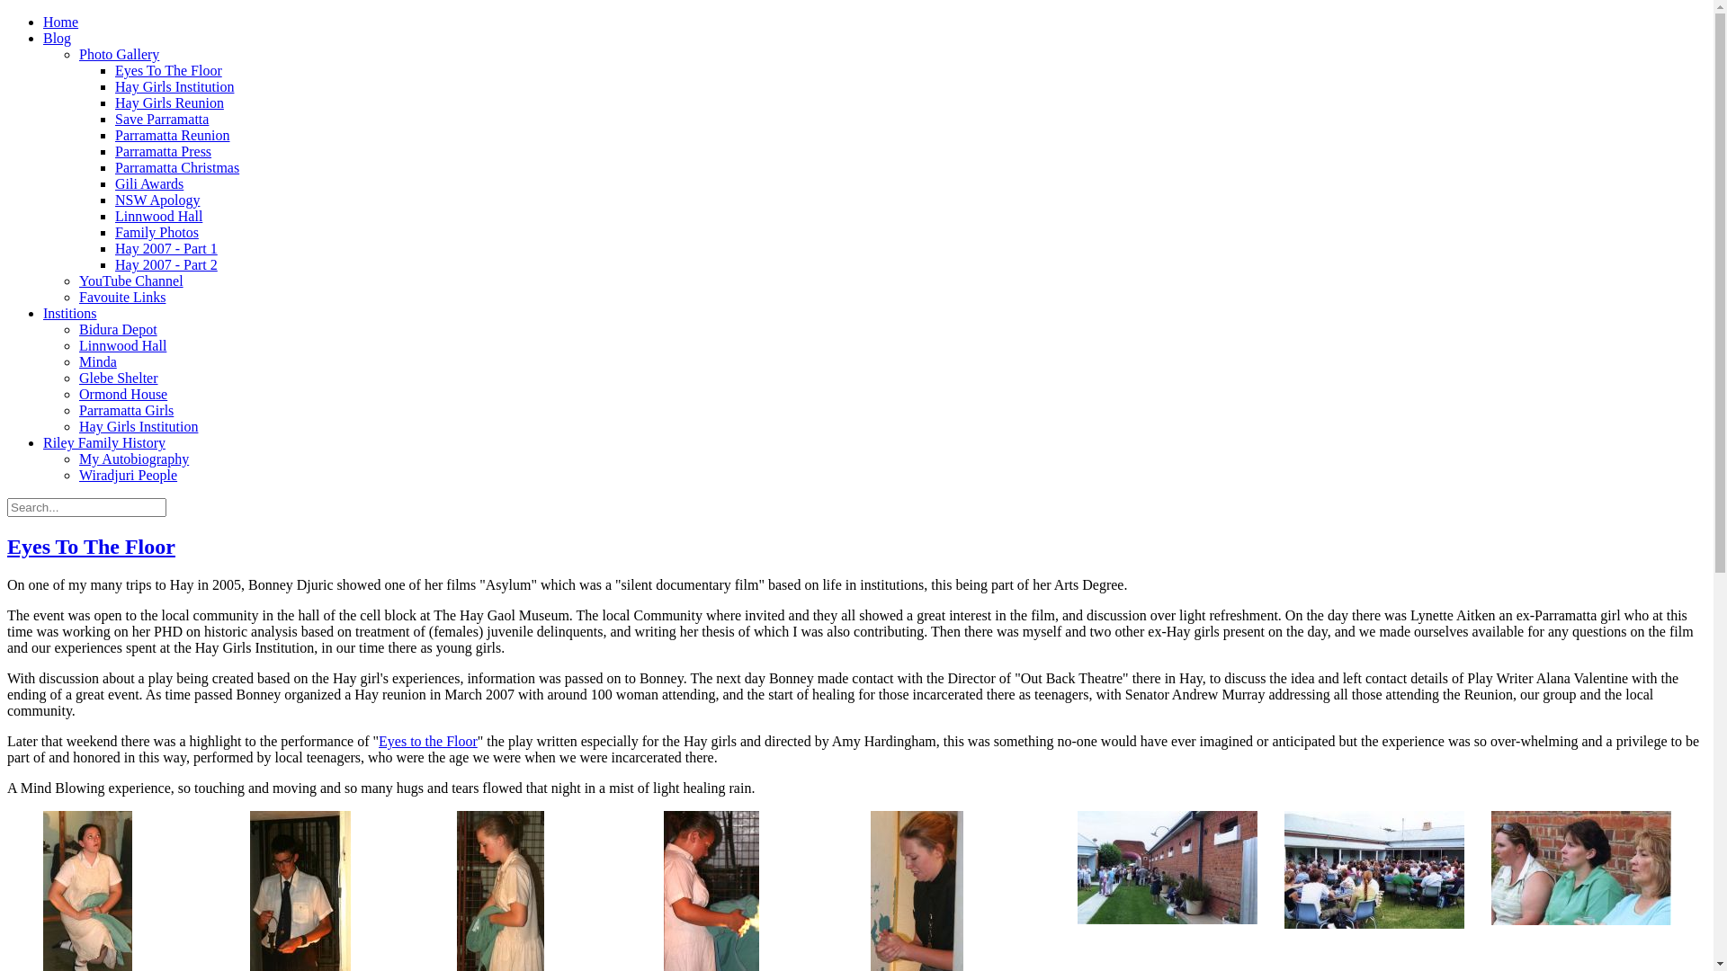 The height and width of the screenshot is (971, 1727). Describe the element at coordinates (149, 183) in the screenshot. I see `'Gili Awards'` at that location.